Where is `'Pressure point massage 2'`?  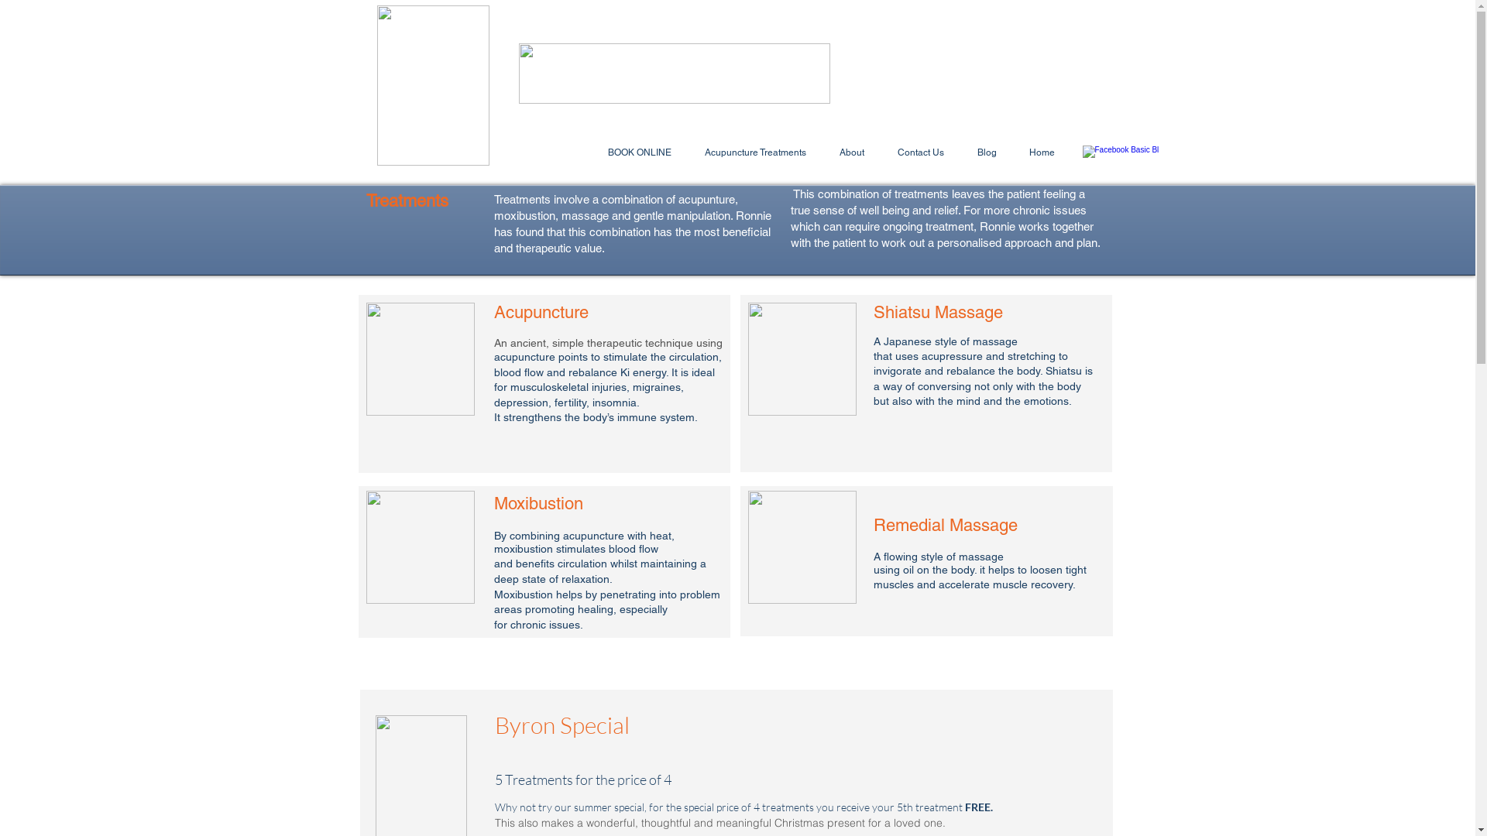
'Pressure point massage 2' is located at coordinates (802, 358).